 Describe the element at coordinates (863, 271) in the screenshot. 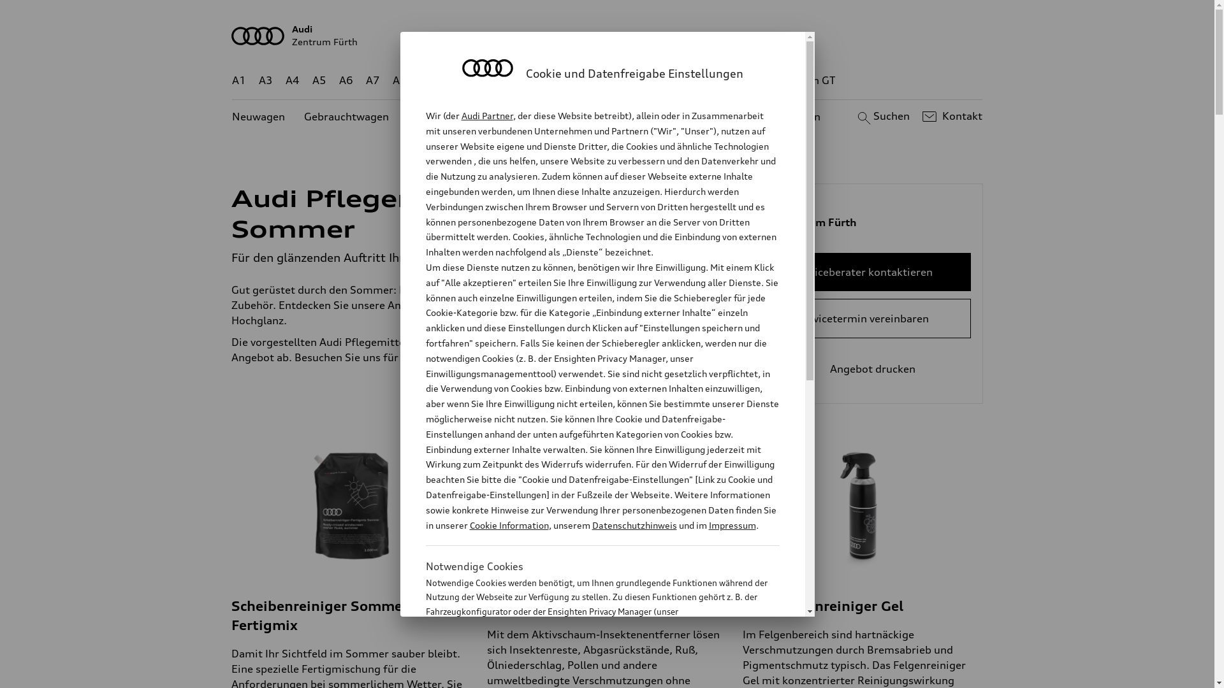

I see `'Serviceberater kontaktieren'` at that location.